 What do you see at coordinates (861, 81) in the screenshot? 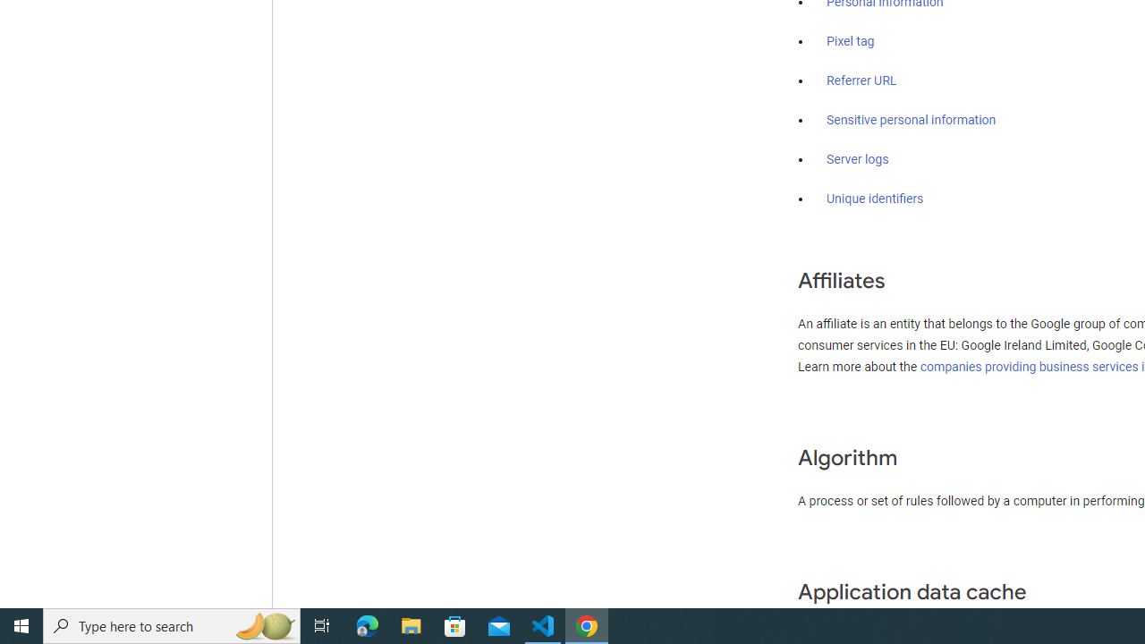
I see `'Referrer URL'` at bounding box center [861, 81].